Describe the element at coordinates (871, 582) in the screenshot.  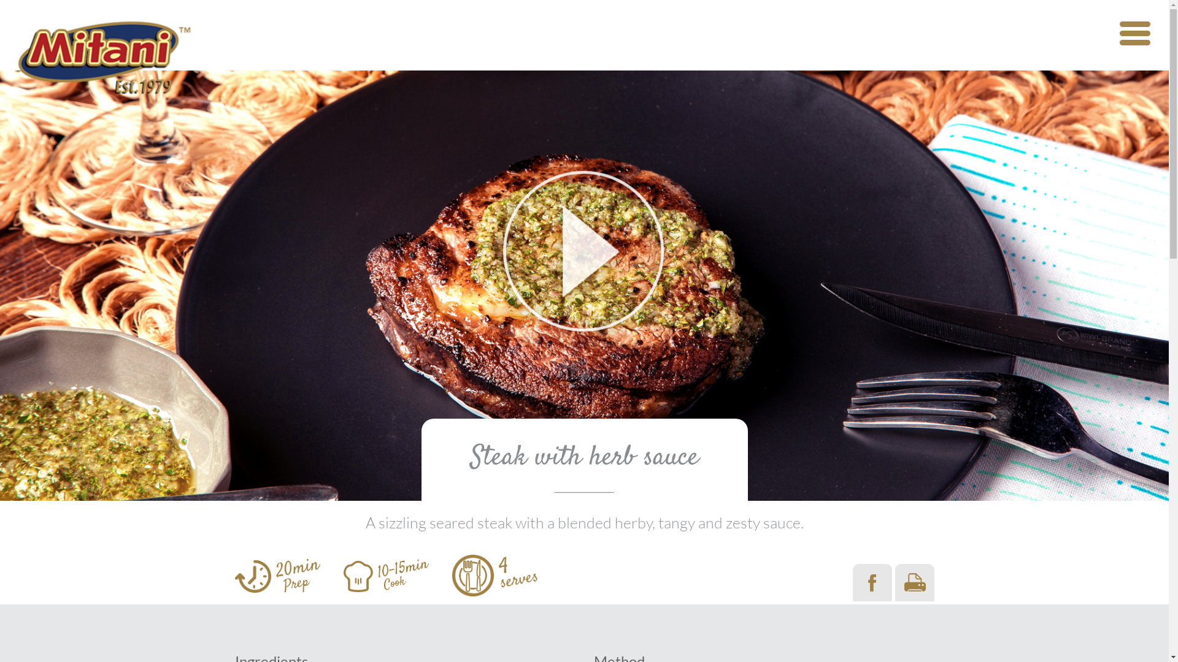
I see `'Share on Facebook'` at that location.